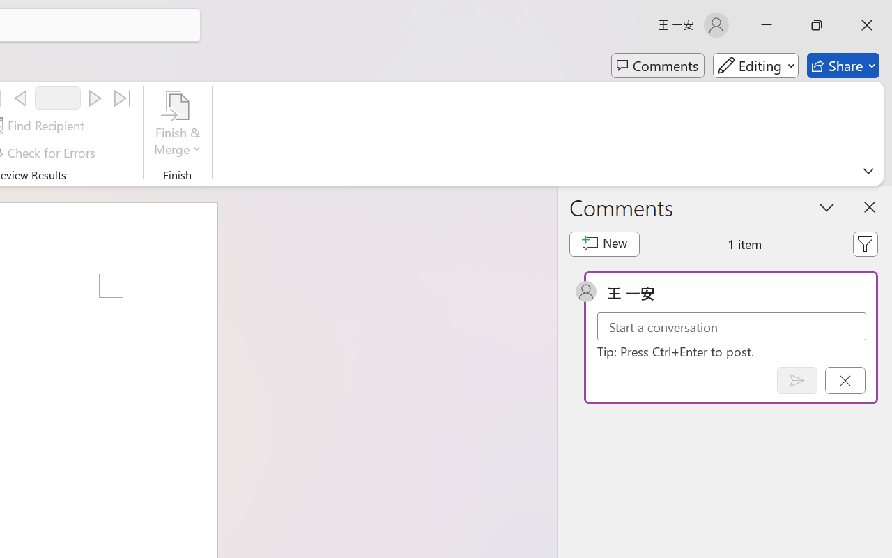 The image size is (892, 558). What do you see at coordinates (844, 380) in the screenshot?
I see `'Cancel'` at bounding box center [844, 380].